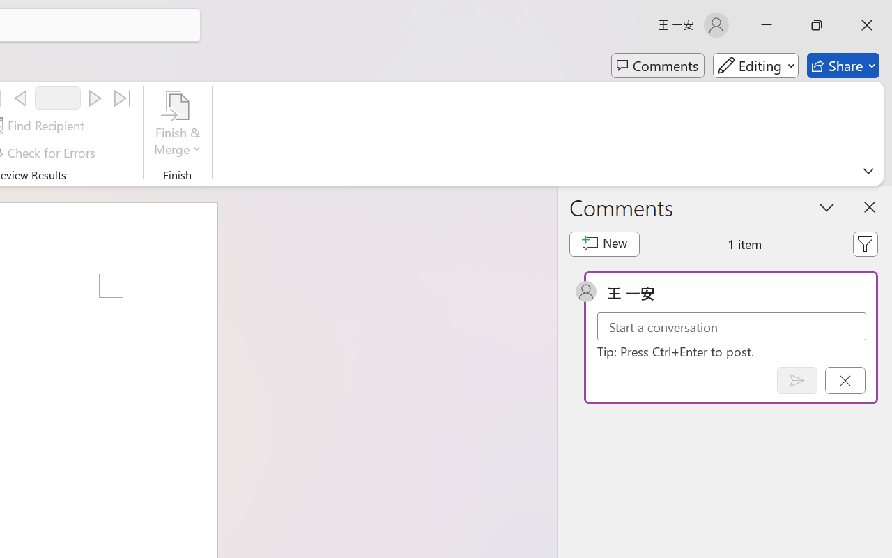 The image size is (892, 558). What do you see at coordinates (844, 380) in the screenshot?
I see `'Cancel'` at bounding box center [844, 380].